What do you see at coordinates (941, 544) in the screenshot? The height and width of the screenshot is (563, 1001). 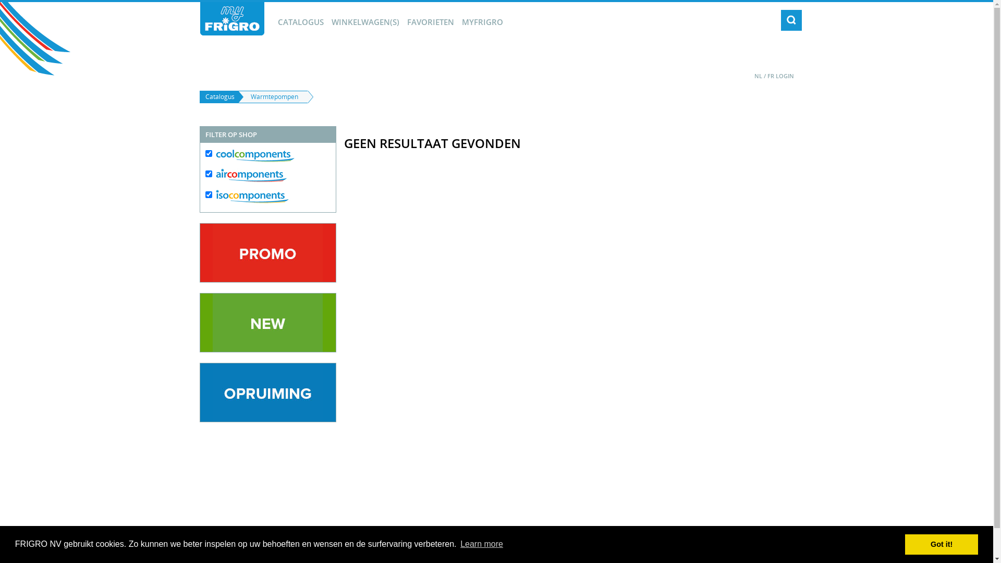 I see `'Got it!'` at bounding box center [941, 544].